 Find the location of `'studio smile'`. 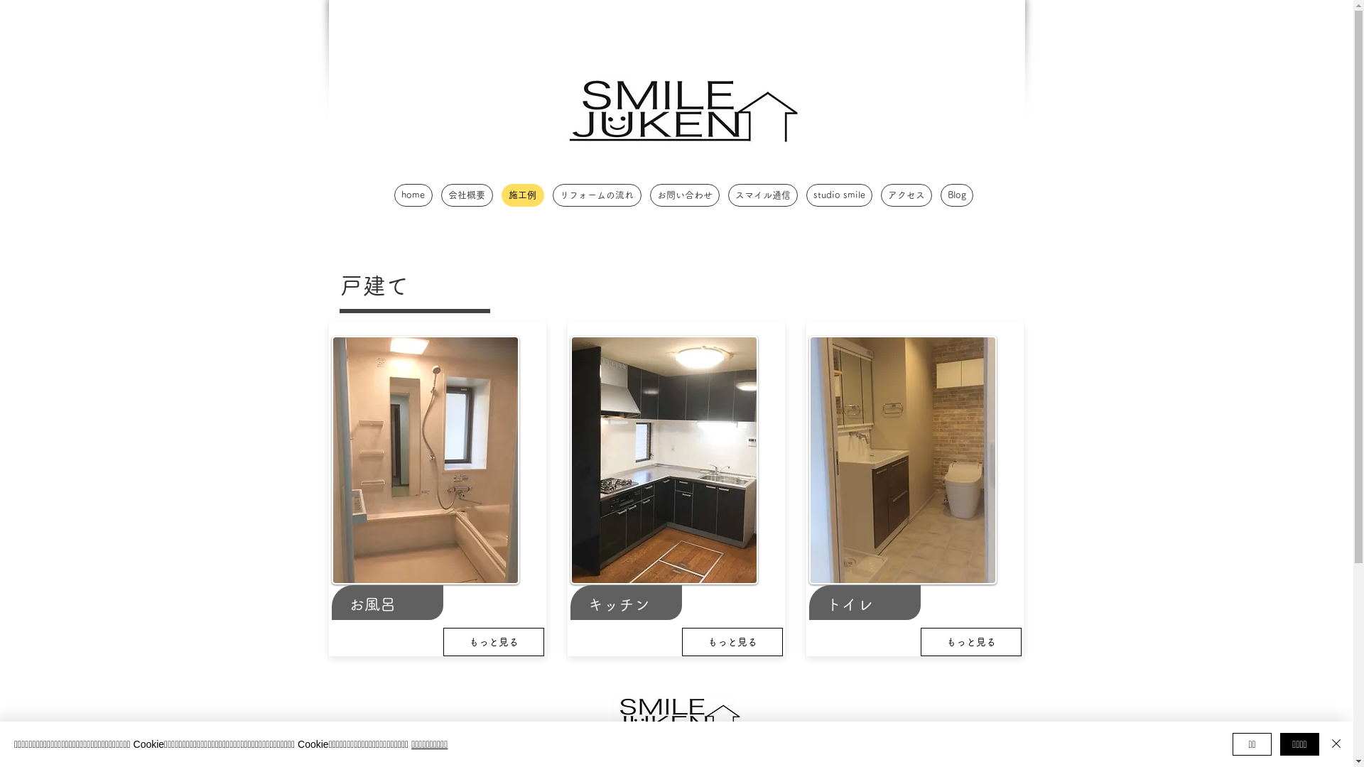

'studio smile' is located at coordinates (838, 195).